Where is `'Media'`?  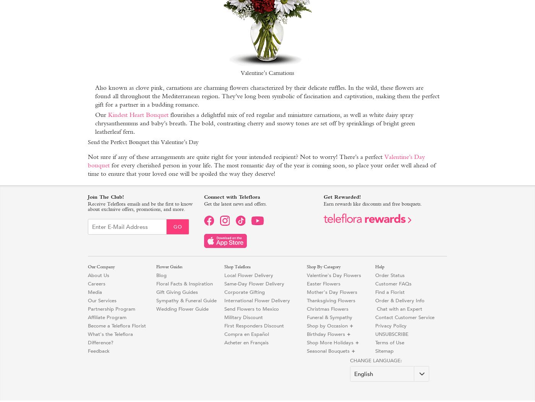 'Media' is located at coordinates (94, 292).